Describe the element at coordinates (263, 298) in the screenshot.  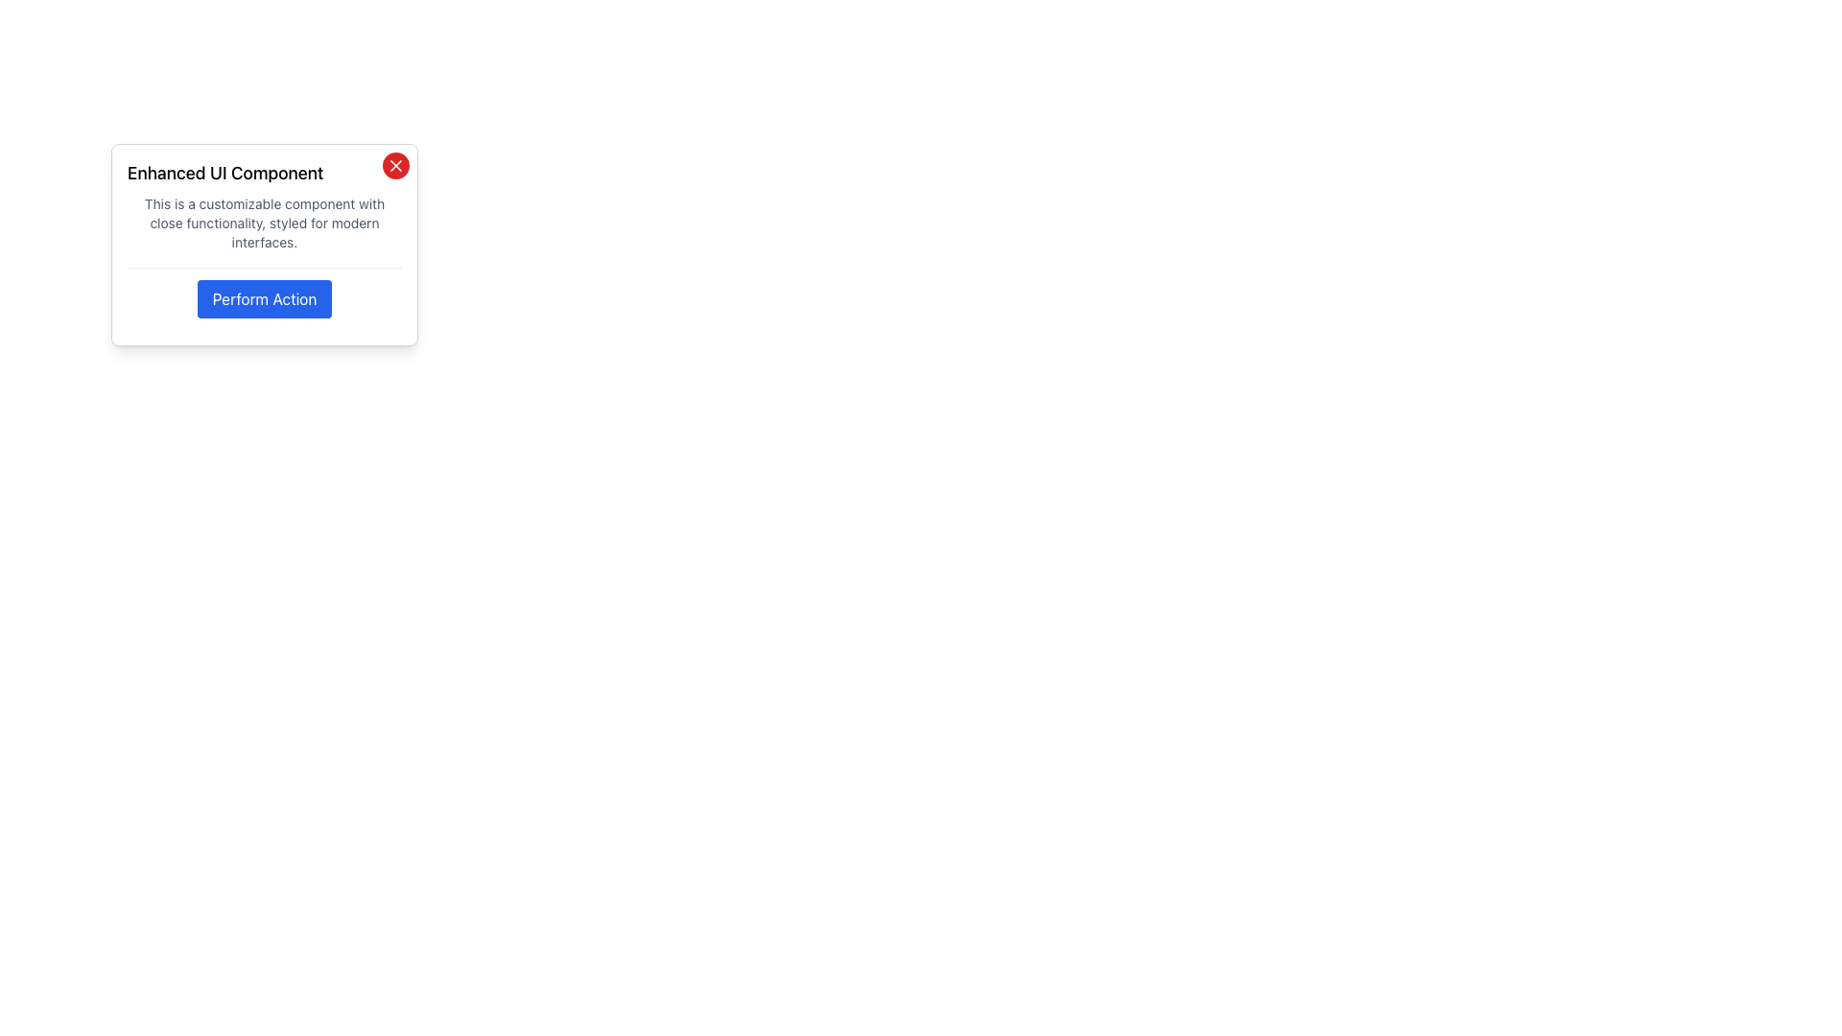
I see `the button that triggers the 'Perform Action' functionality within the 'Enhanced UI Component' card` at that location.